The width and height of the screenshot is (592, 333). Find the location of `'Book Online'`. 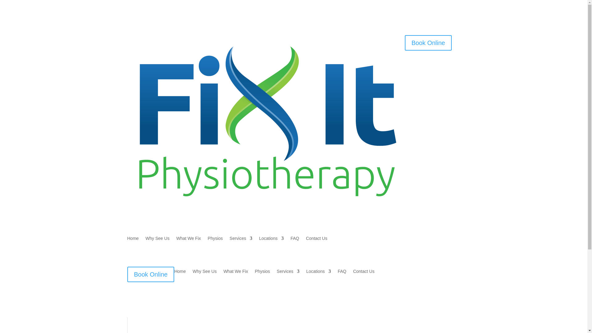

'Book Online' is located at coordinates (150, 274).